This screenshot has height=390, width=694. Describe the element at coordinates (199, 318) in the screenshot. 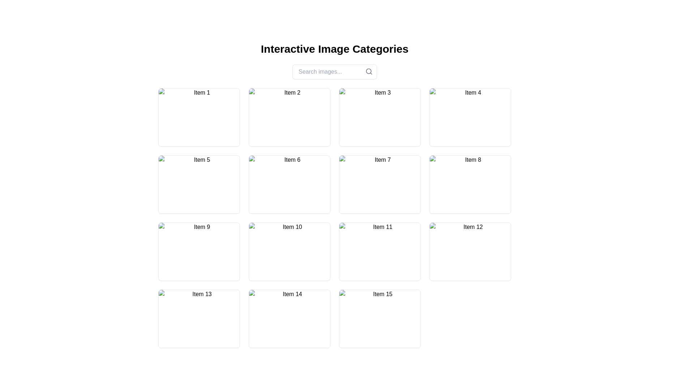

I see `the 'Nature' card, which serves as an entry point` at that location.